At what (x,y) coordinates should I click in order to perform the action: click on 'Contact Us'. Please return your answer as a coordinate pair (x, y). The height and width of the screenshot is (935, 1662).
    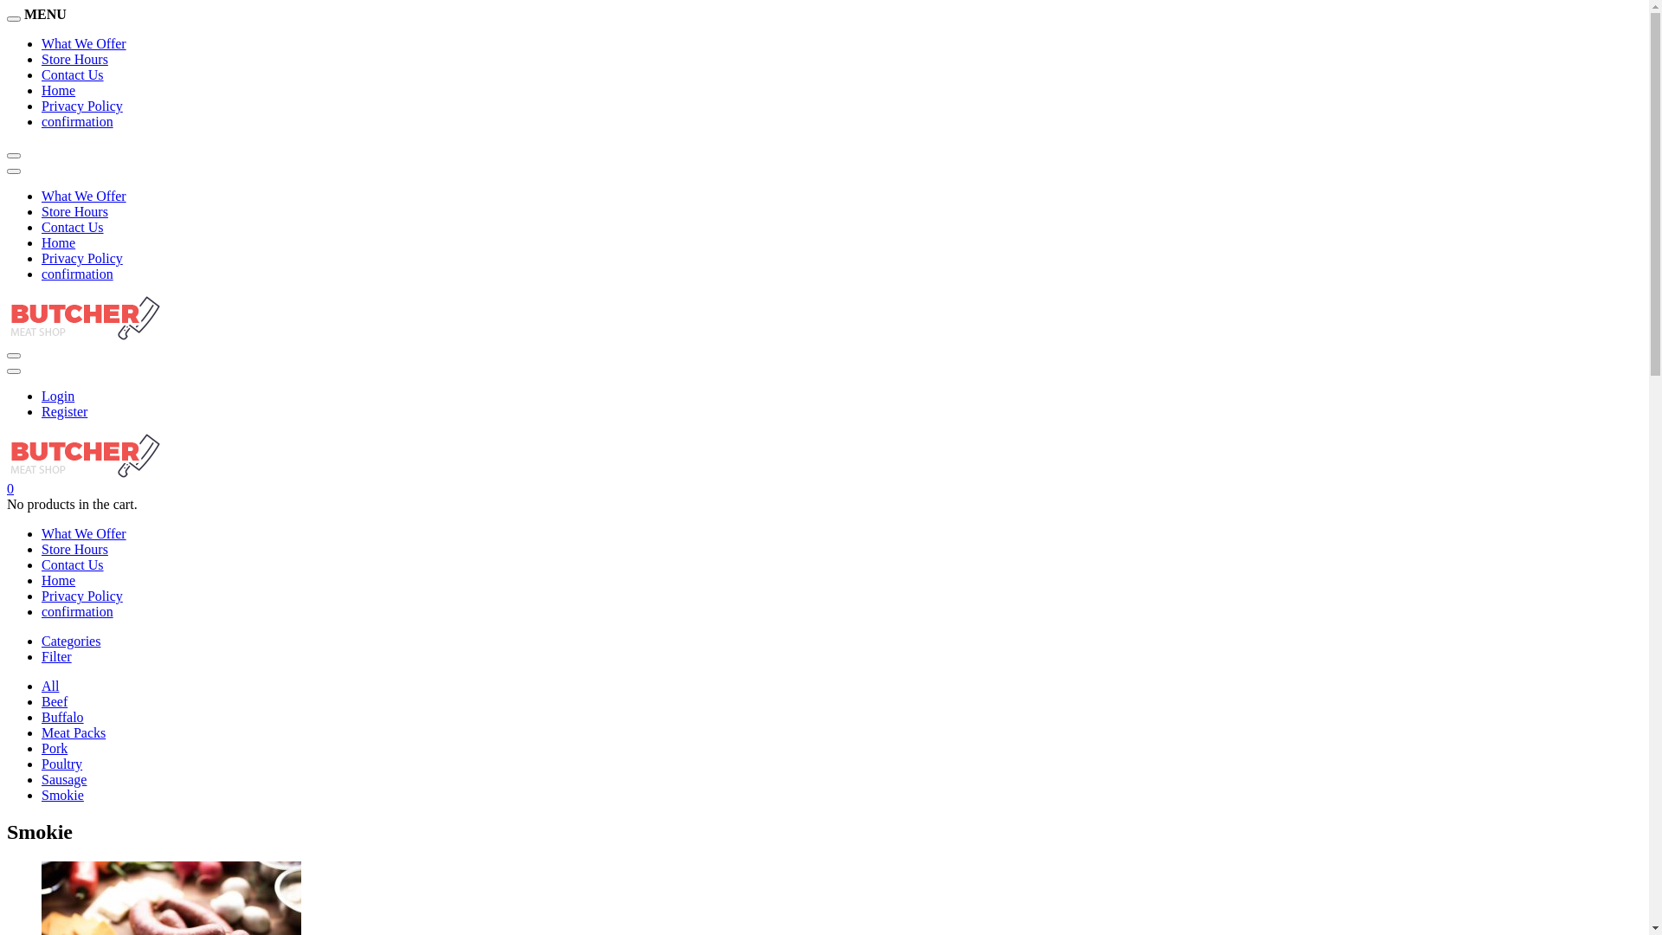
    Looking at the image, I should click on (71, 74).